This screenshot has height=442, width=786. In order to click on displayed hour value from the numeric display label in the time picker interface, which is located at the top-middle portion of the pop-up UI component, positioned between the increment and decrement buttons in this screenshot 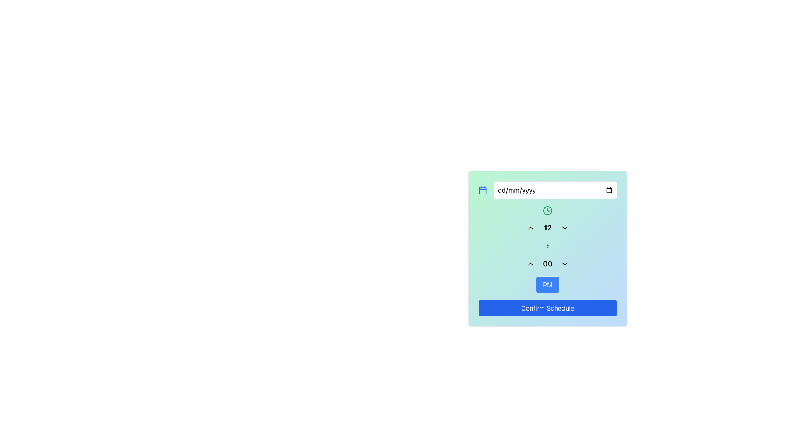, I will do `click(548, 228)`.